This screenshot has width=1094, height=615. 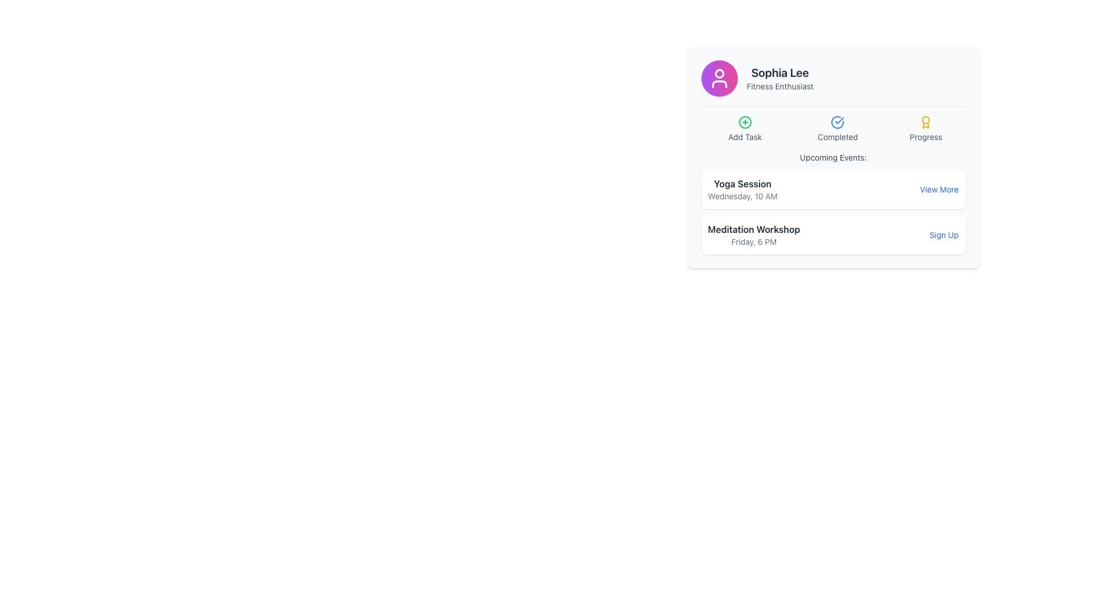 What do you see at coordinates (926, 129) in the screenshot?
I see `the informational icon resembling an award medal with the text 'Progress' below it` at bounding box center [926, 129].